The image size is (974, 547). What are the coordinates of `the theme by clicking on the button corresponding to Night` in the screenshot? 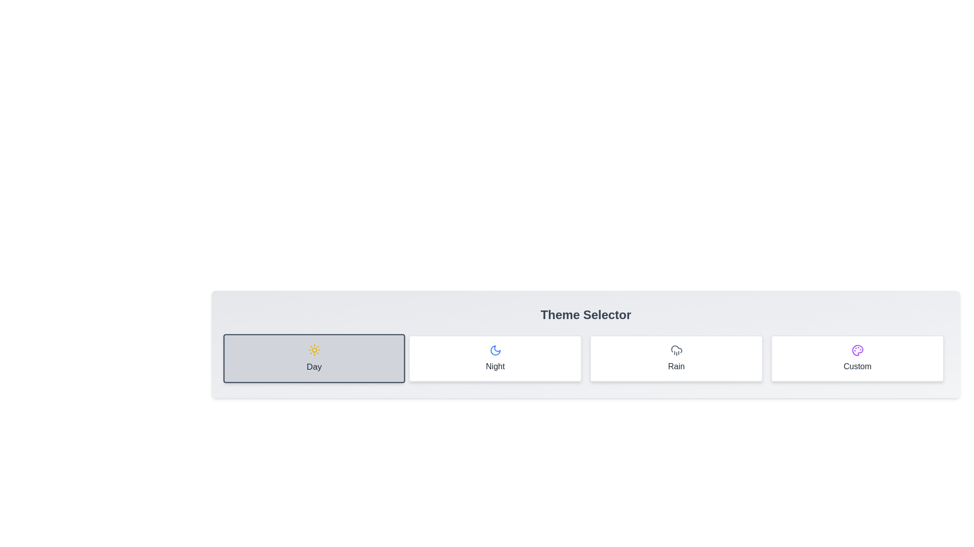 It's located at (495, 358).